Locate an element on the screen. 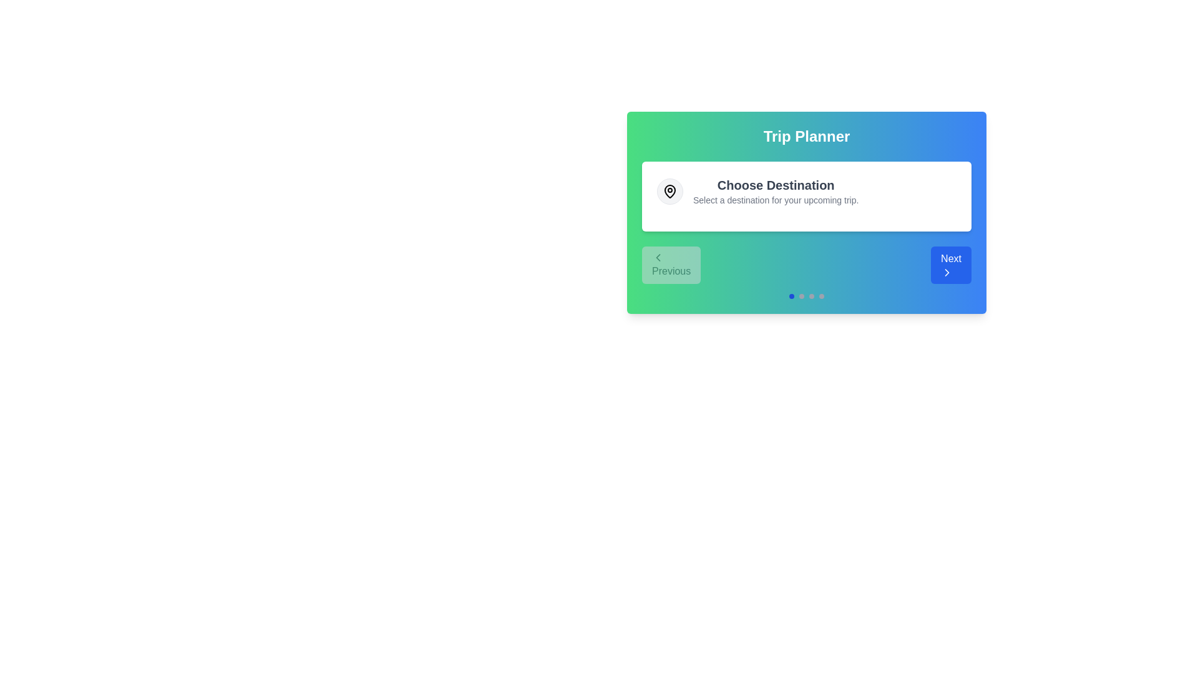 The image size is (1198, 674). the 'Previous' button, which is a light gray rectangular button with rounded corners and a left-pointing chevron icon, to trigger a visual state change is located at coordinates (671, 264).